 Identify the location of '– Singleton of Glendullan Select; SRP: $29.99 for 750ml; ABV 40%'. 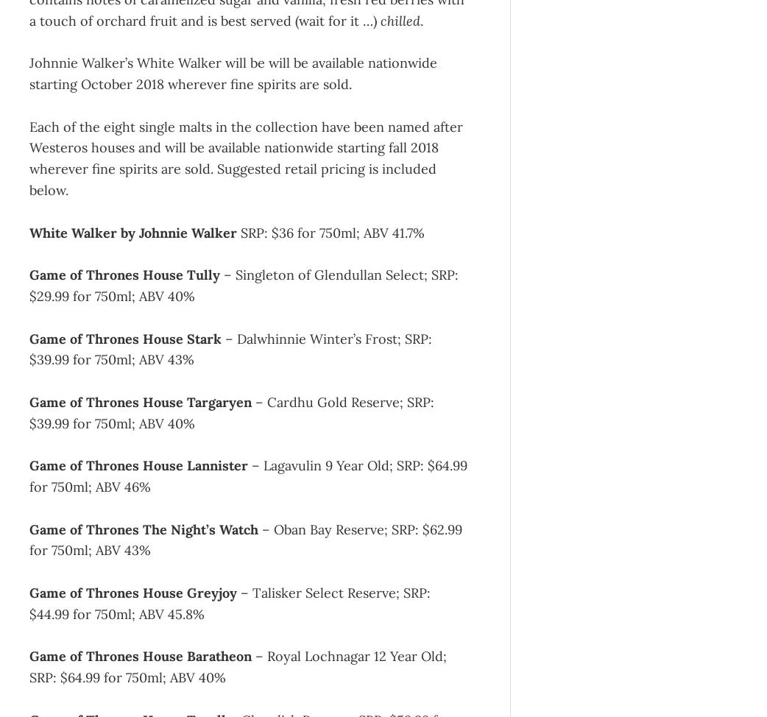
(244, 285).